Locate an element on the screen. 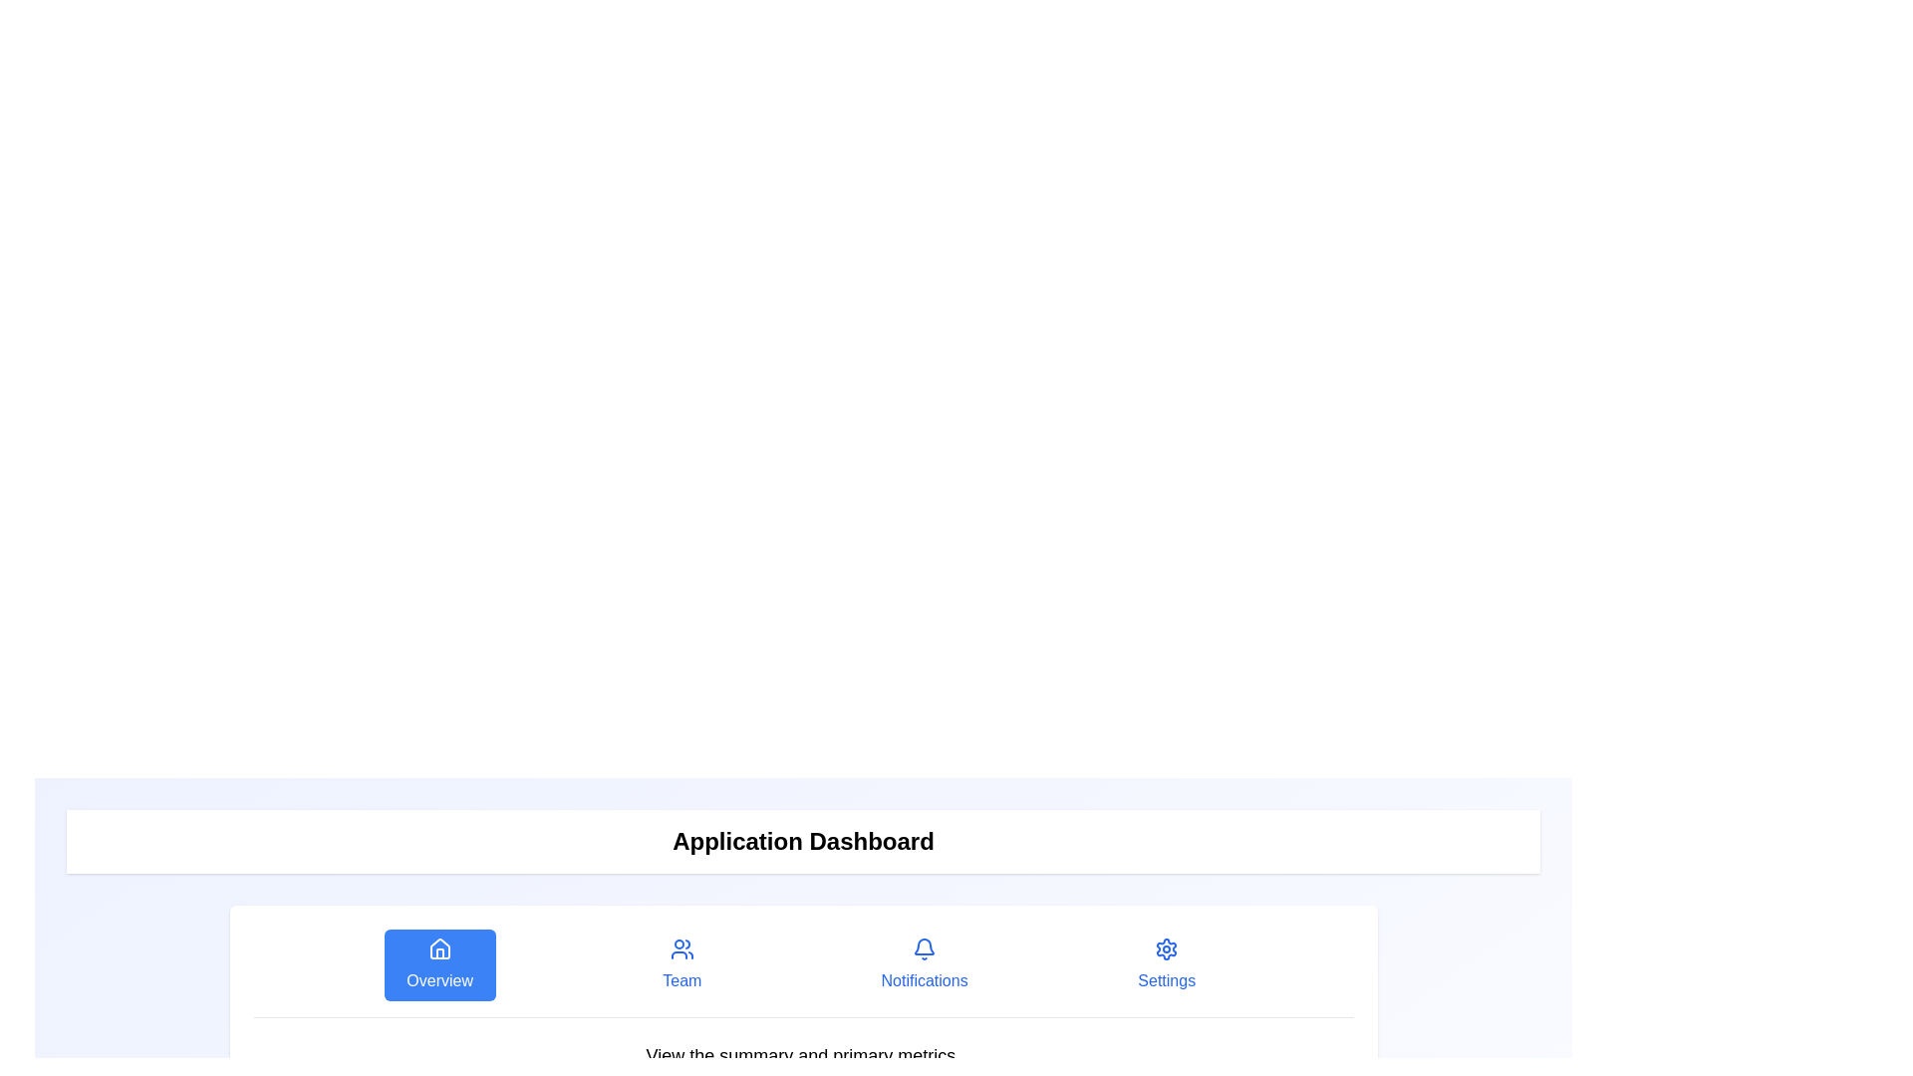 The width and height of the screenshot is (1913, 1076). the Notifications button, which features a bell icon and the text 'Notifications' in blue on a white background is located at coordinates (924, 963).